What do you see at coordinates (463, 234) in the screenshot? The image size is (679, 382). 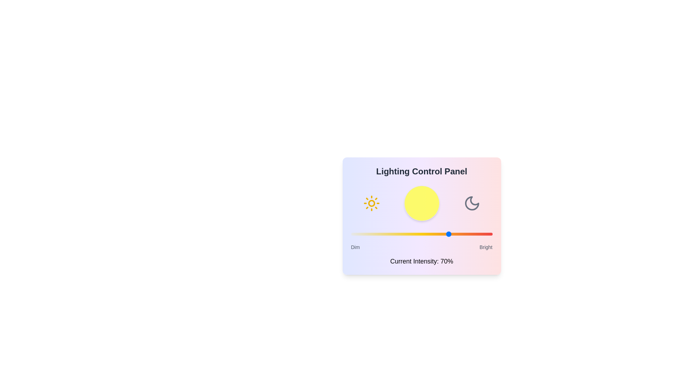 I see `the light intensity slider to 79% to observe the changes in the visualization` at bounding box center [463, 234].